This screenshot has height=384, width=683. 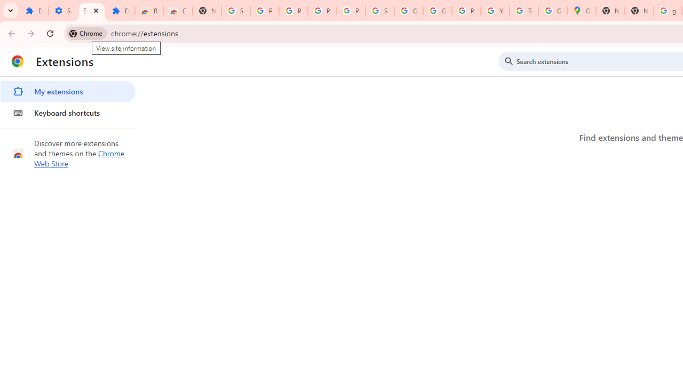 I want to click on 'Extensions', so click(x=91, y=11).